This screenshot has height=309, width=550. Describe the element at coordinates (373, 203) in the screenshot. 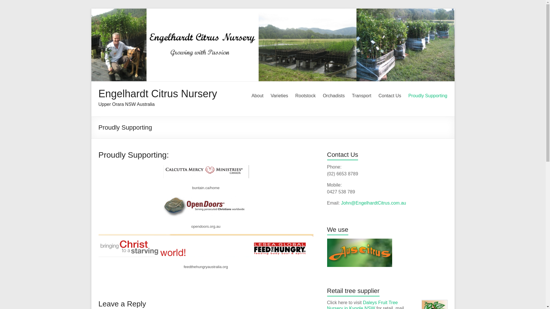

I see `'John@EngelhardtCitrus.com.au'` at that location.